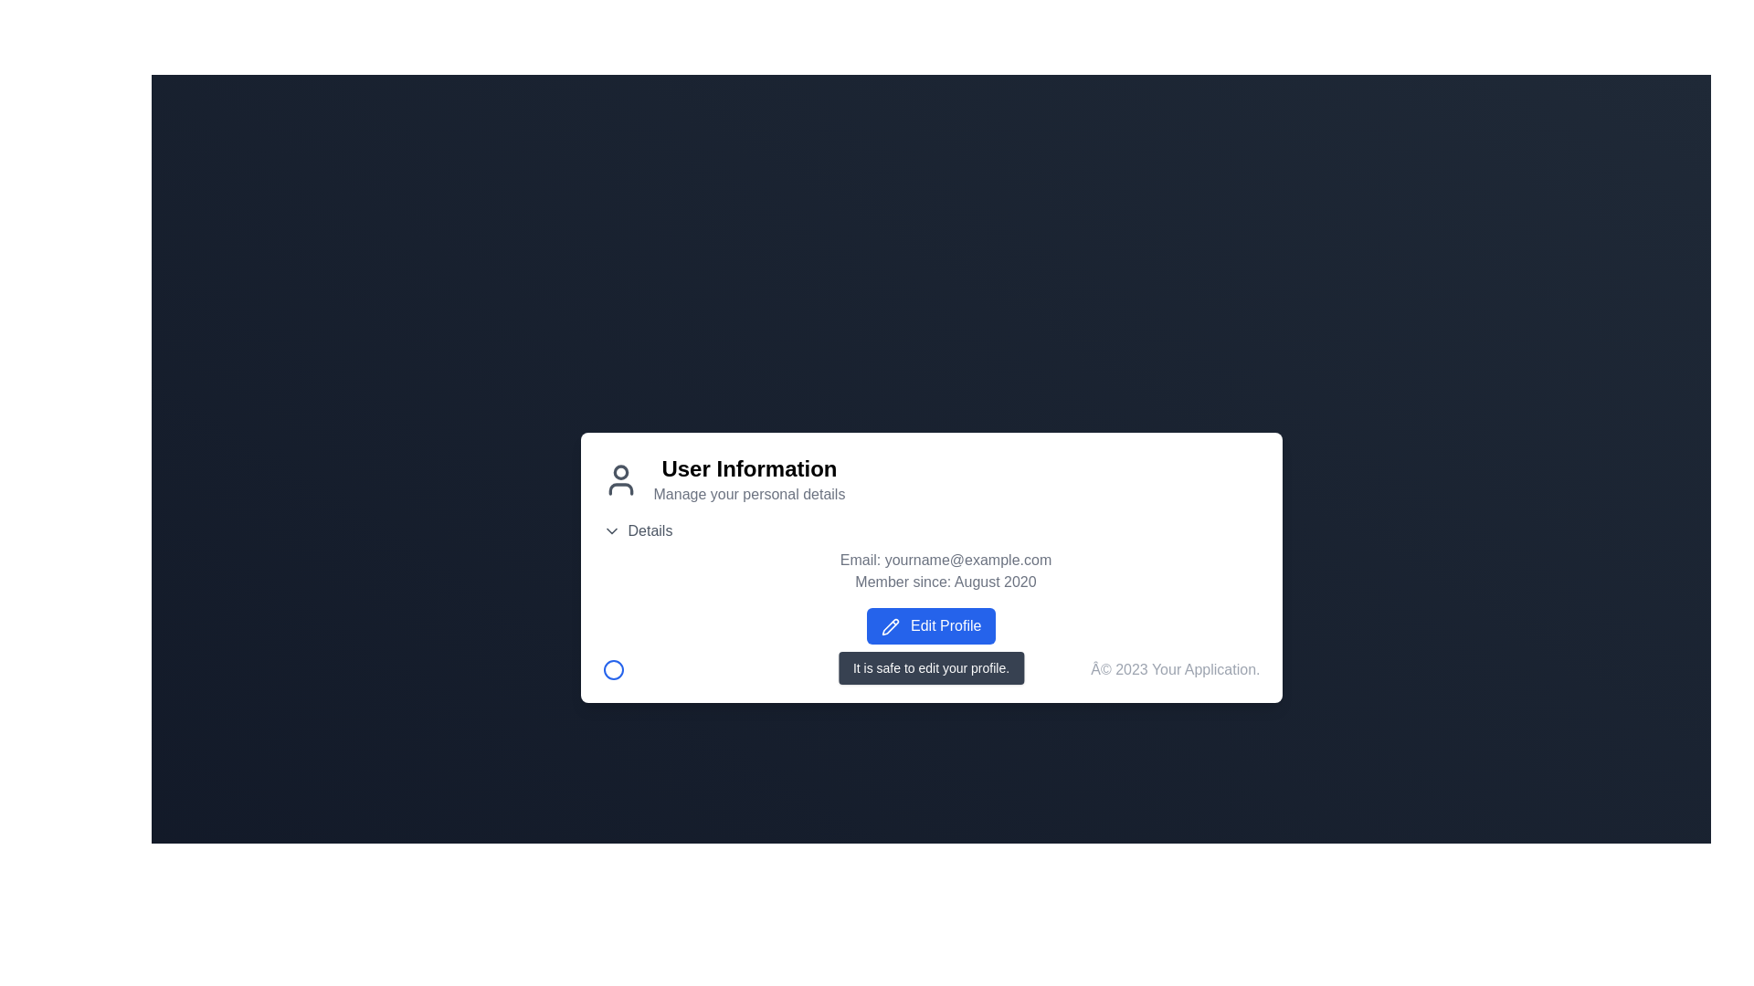 This screenshot has width=1754, height=986. What do you see at coordinates (611, 531) in the screenshot?
I see `the downward-facing chevron icon, which is styled as an SVG graphic with a hollow outlined appearance, located to the left of the 'Details' text label, to trigger a visual response such as a color change` at bounding box center [611, 531].